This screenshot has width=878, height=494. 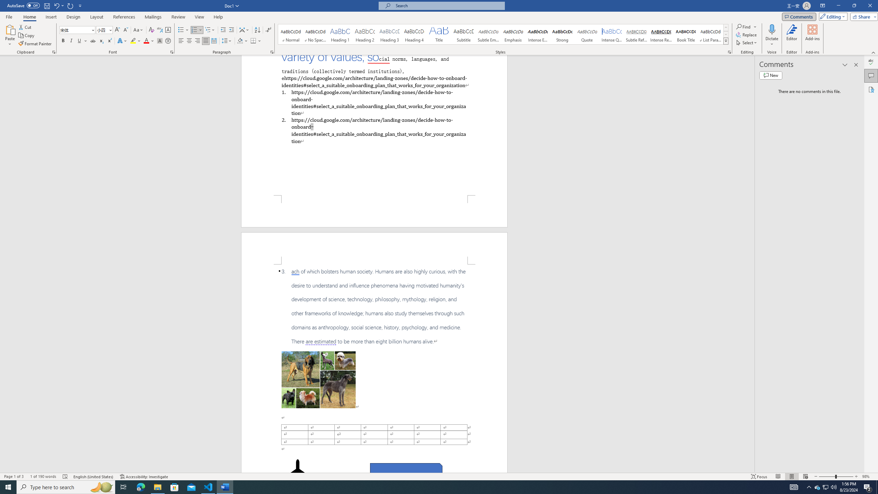 What do you see at coordinates (121, 40) in the screenshot?
I see `'Text Effects and Typography'` at bounding box center [121, 40].